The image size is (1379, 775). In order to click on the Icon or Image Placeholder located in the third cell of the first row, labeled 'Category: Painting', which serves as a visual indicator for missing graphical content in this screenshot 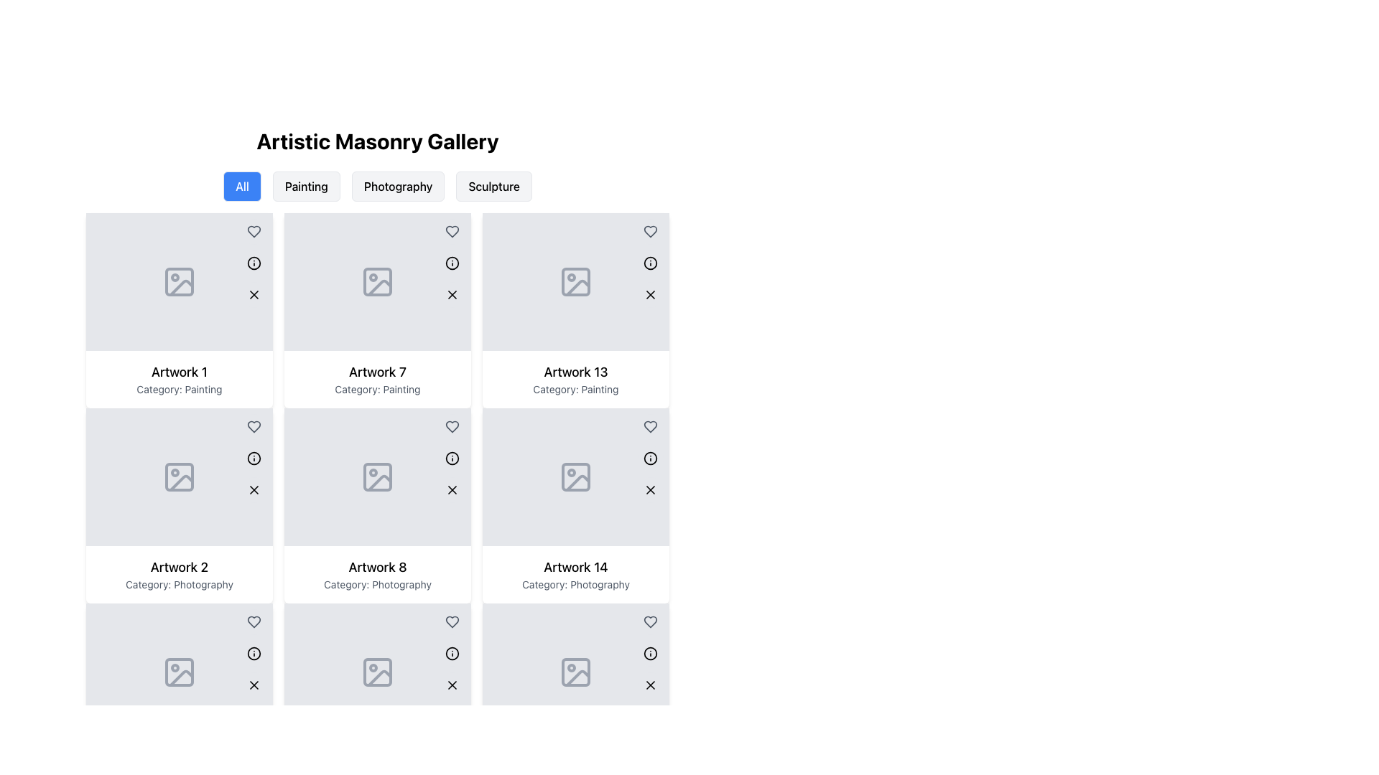, I will do `click(378, 282)`.